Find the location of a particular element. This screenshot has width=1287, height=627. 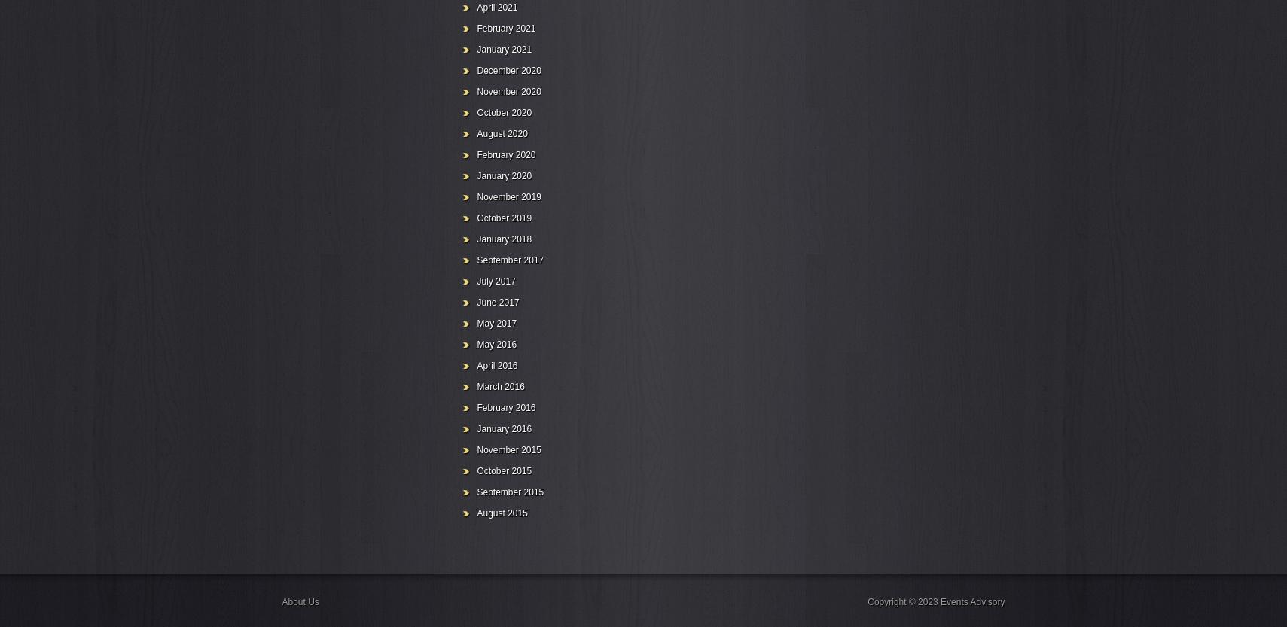

'November 2020' is located at coordinates (476, 92).